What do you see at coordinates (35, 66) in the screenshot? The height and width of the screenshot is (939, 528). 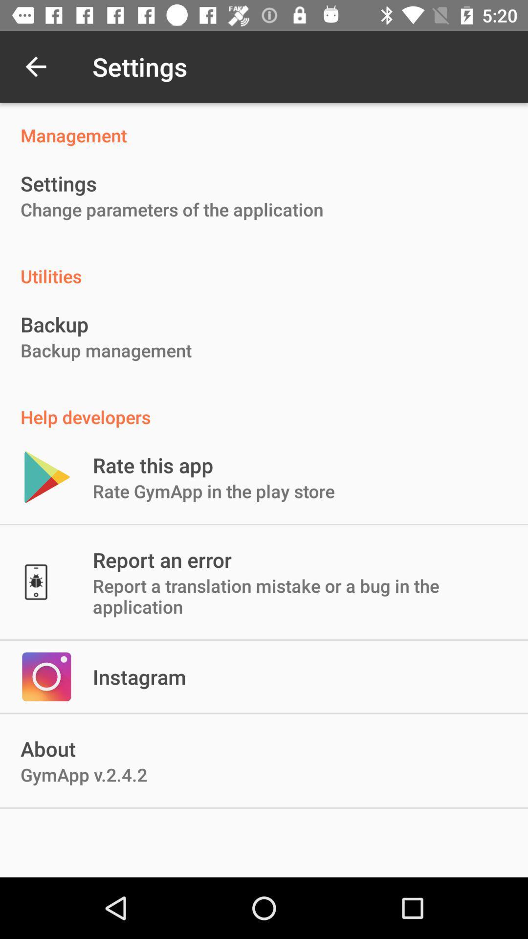 I see `the icon next to the settings item` at bounding box center [35, 66].